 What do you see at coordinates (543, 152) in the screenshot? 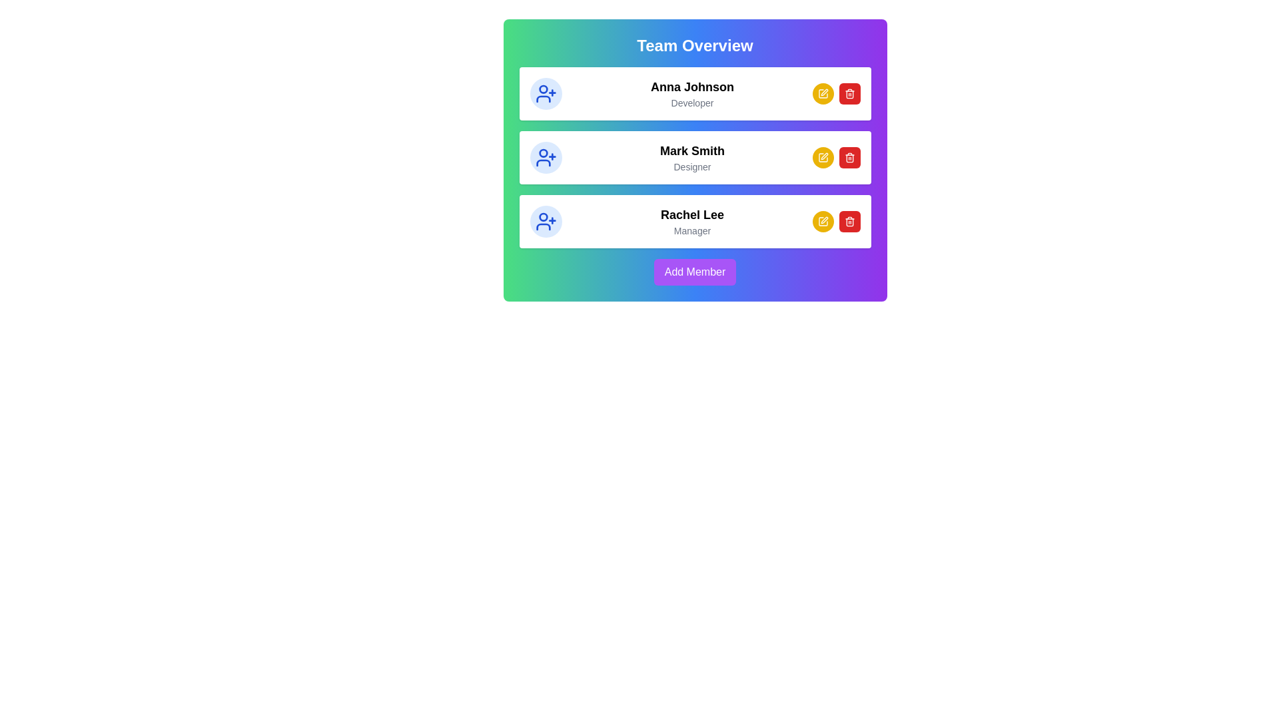
I see `the user profile icon representing 'Mark Smith - Designer' in the 'Team Overview' panel` at bounding box center [543, 152].